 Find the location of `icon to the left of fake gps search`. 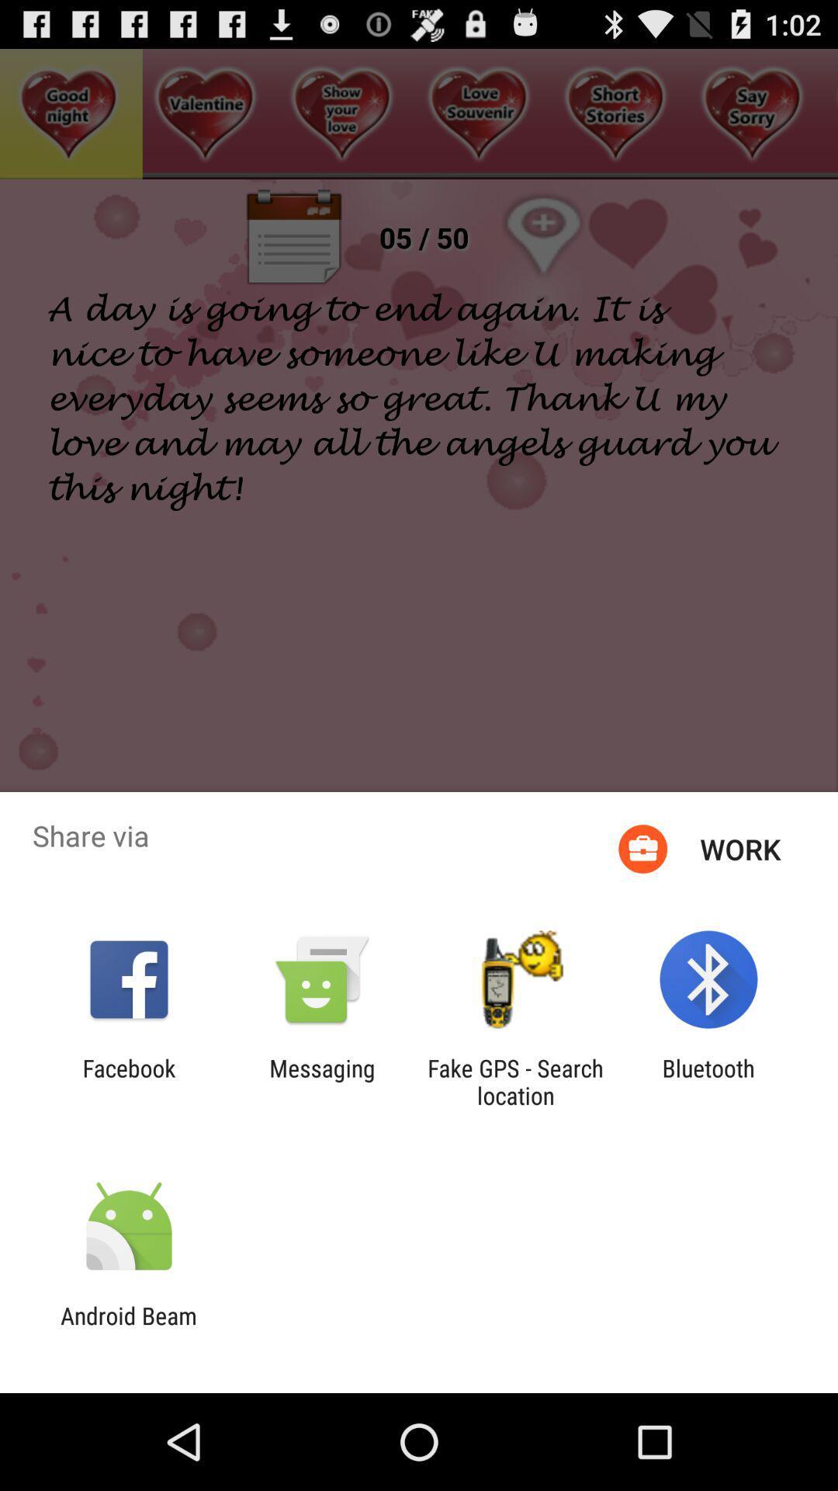

icon to the left of fake gps search is located at coordinates (321, 1081).